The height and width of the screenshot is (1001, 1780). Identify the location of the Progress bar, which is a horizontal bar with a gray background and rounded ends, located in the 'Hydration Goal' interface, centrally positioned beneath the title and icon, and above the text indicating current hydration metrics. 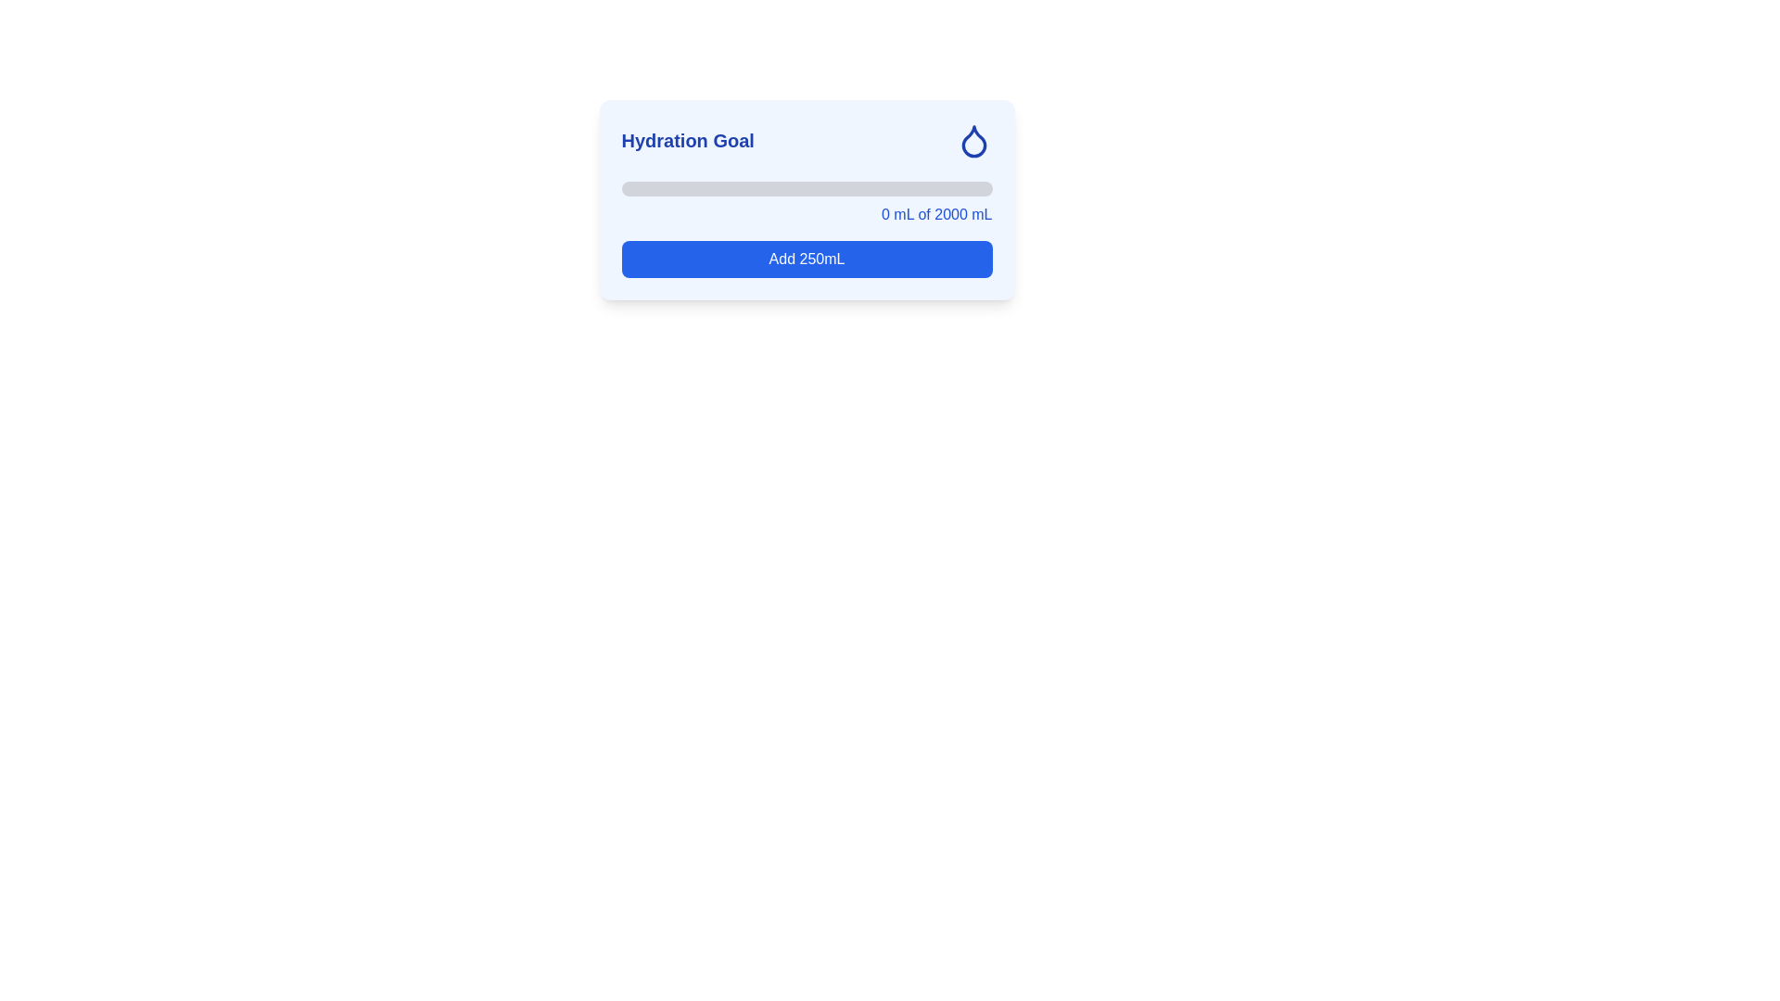
(807, 189).